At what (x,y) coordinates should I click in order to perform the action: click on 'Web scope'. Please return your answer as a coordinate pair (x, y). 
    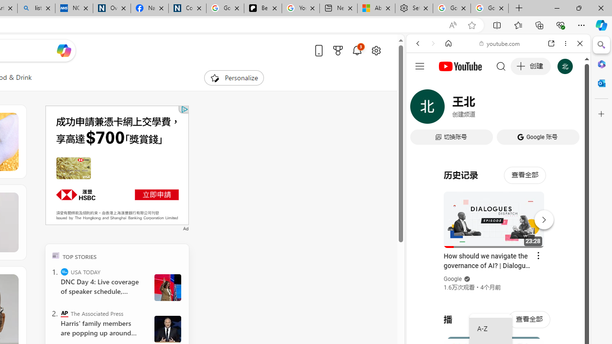
    Looking at the image, I should click on (421, 86).